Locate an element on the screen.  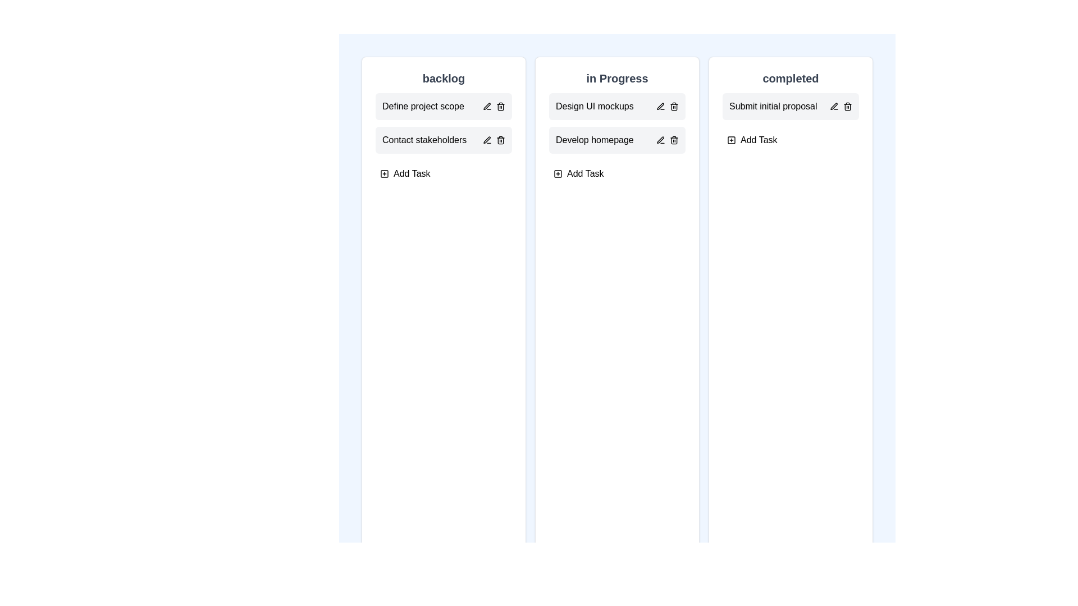
the edit icon of the task 'Submit initial proposal' in the 'completed' column is located at coordinates (834, 106).